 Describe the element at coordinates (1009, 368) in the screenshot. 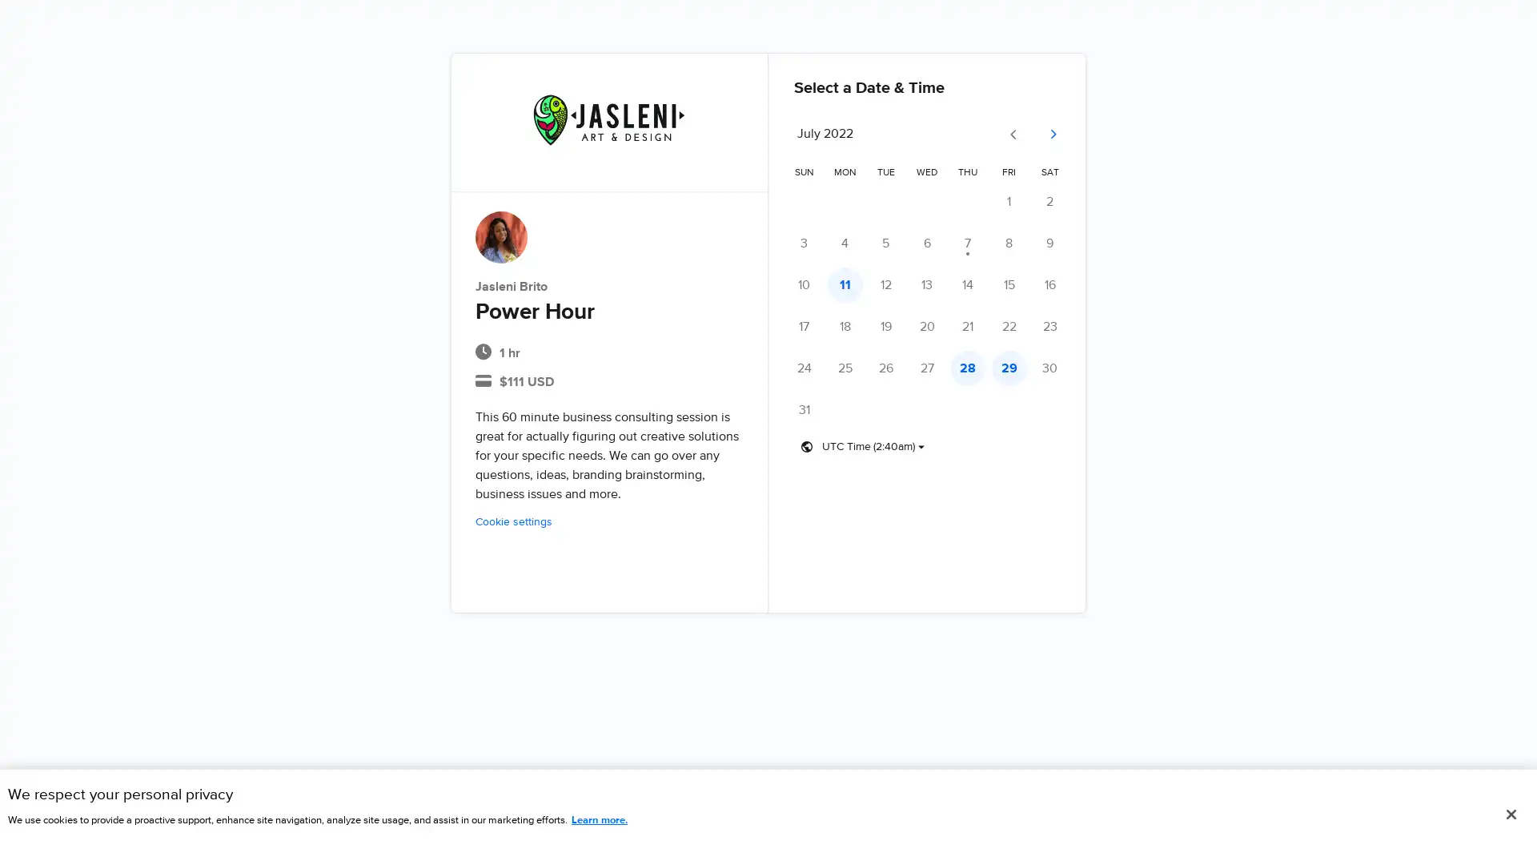

I see `Friday, July 29 - Times available` at that location.